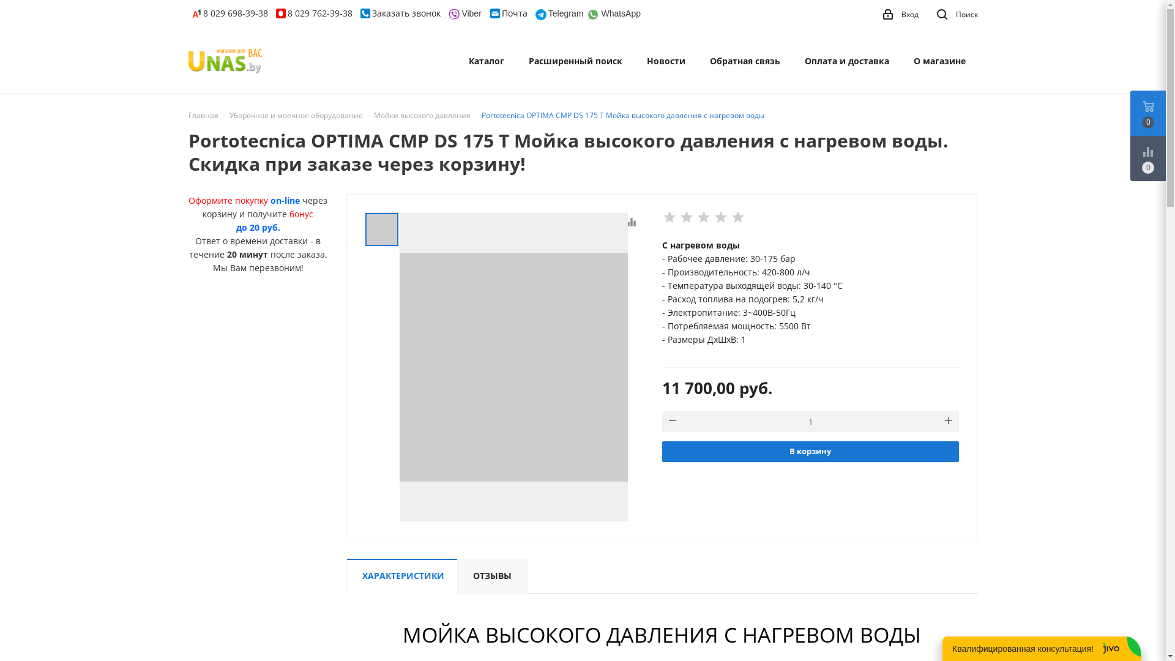 The width and height of the screenshot is (1175, 661). I want to click on 'WhatsApp', so click(614, 13).